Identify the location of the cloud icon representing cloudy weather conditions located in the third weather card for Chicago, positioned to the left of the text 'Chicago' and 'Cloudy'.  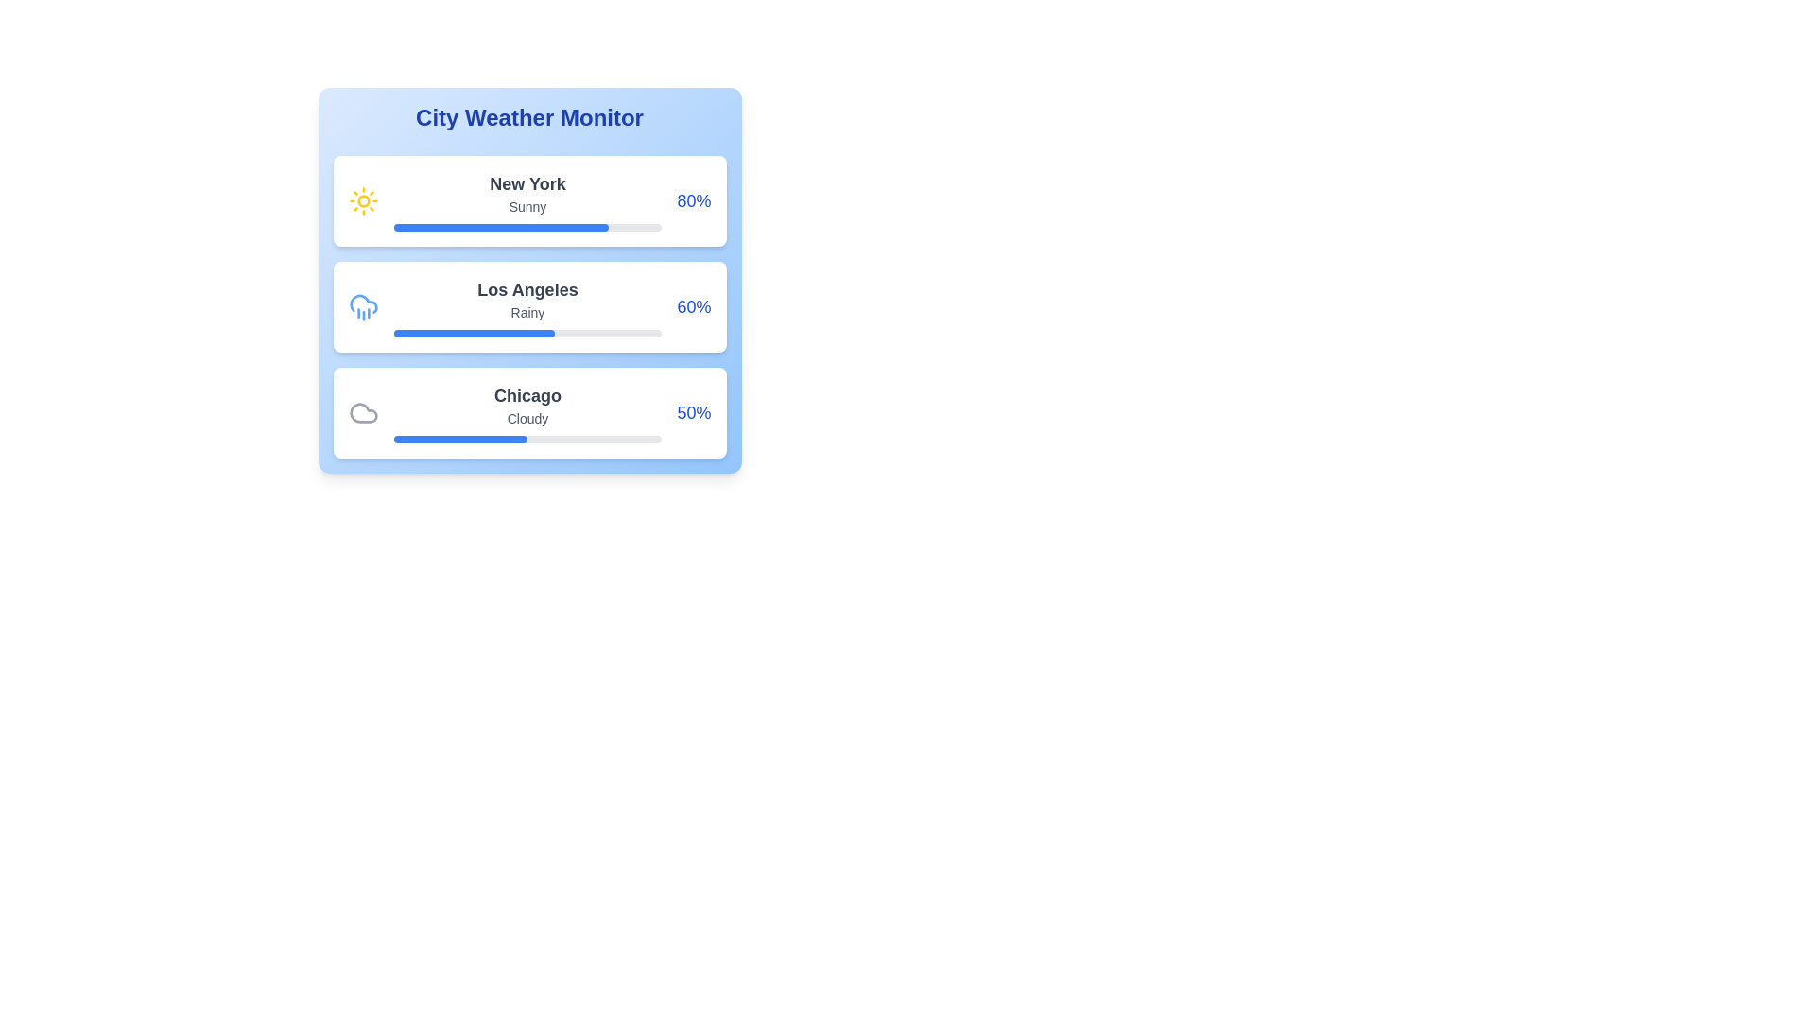
(363, 411).